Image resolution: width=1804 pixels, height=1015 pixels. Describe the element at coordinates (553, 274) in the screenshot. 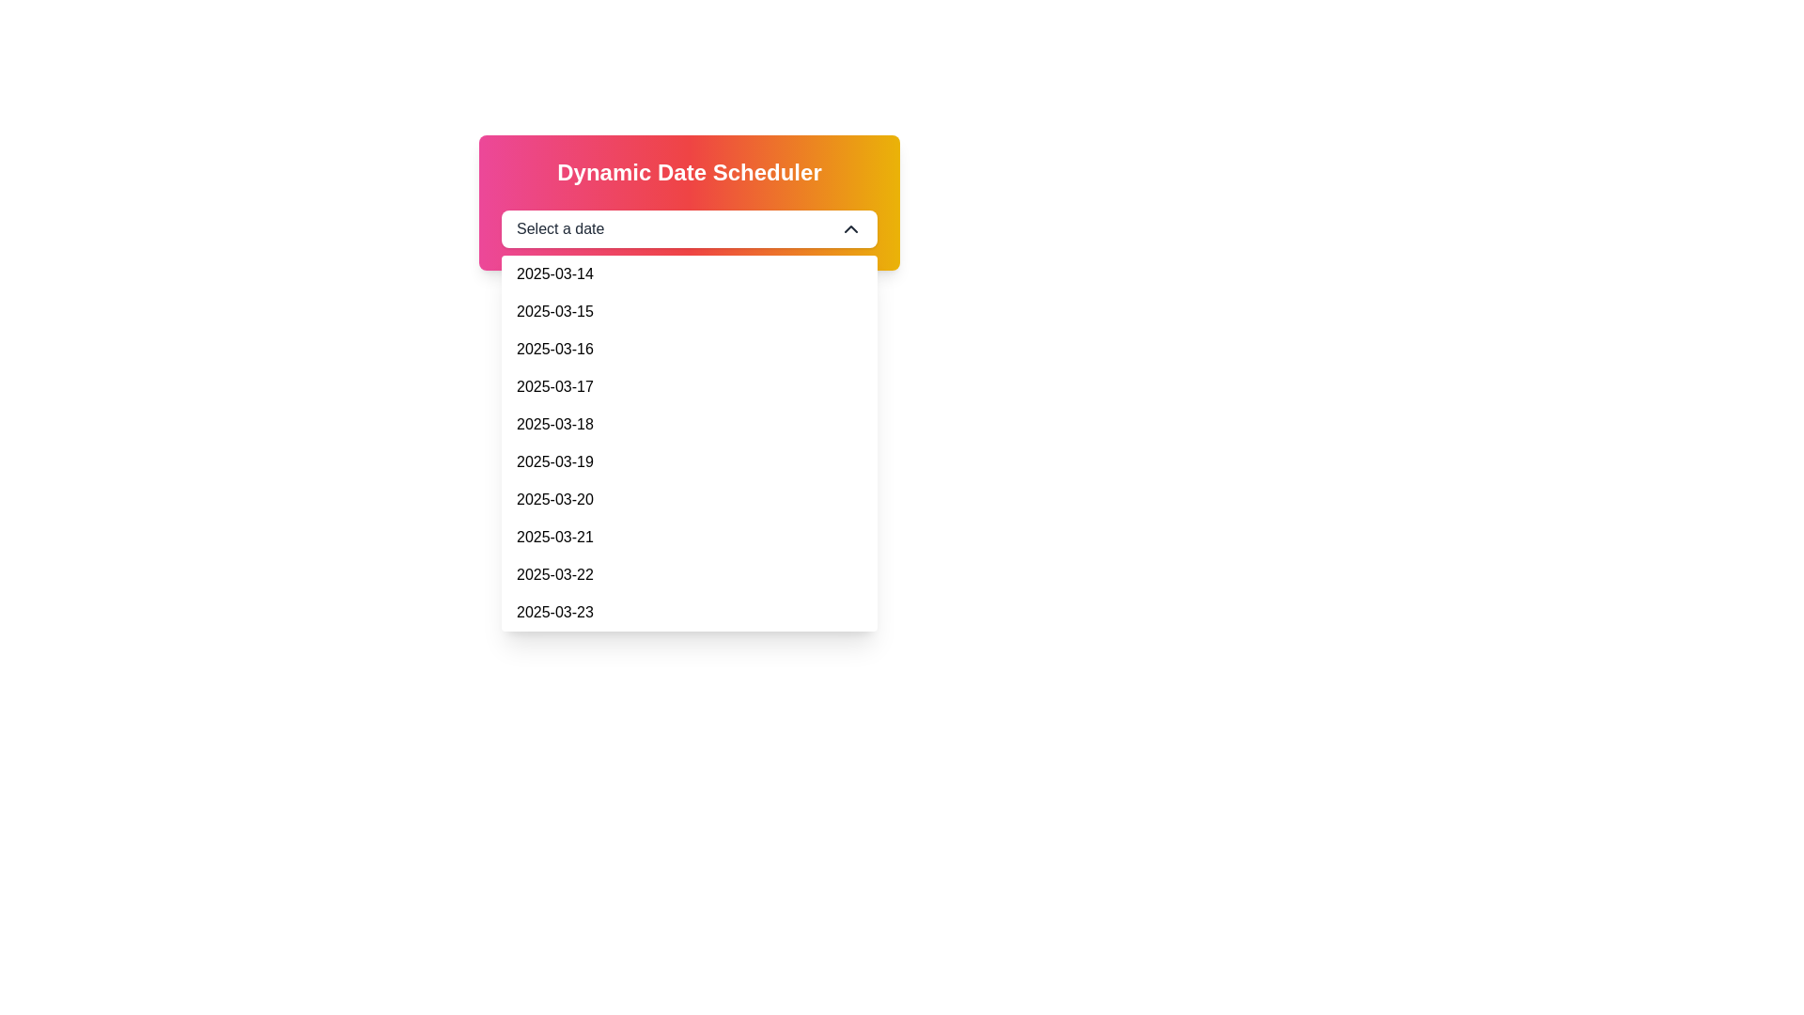

I see `the first item in the dropdown list representing the date '2025-03-14'` at that location.